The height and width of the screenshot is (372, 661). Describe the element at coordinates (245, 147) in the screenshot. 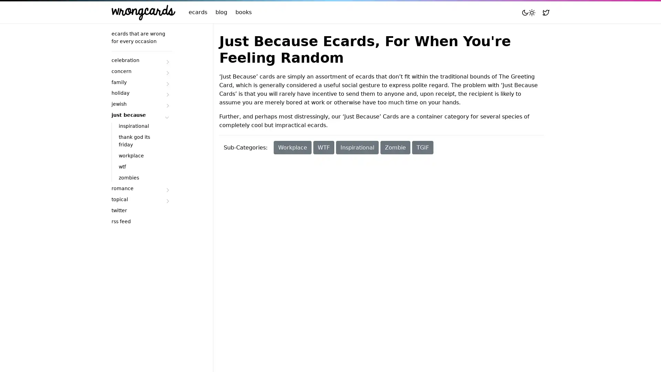

I see `Sub-Categories:` at that location.